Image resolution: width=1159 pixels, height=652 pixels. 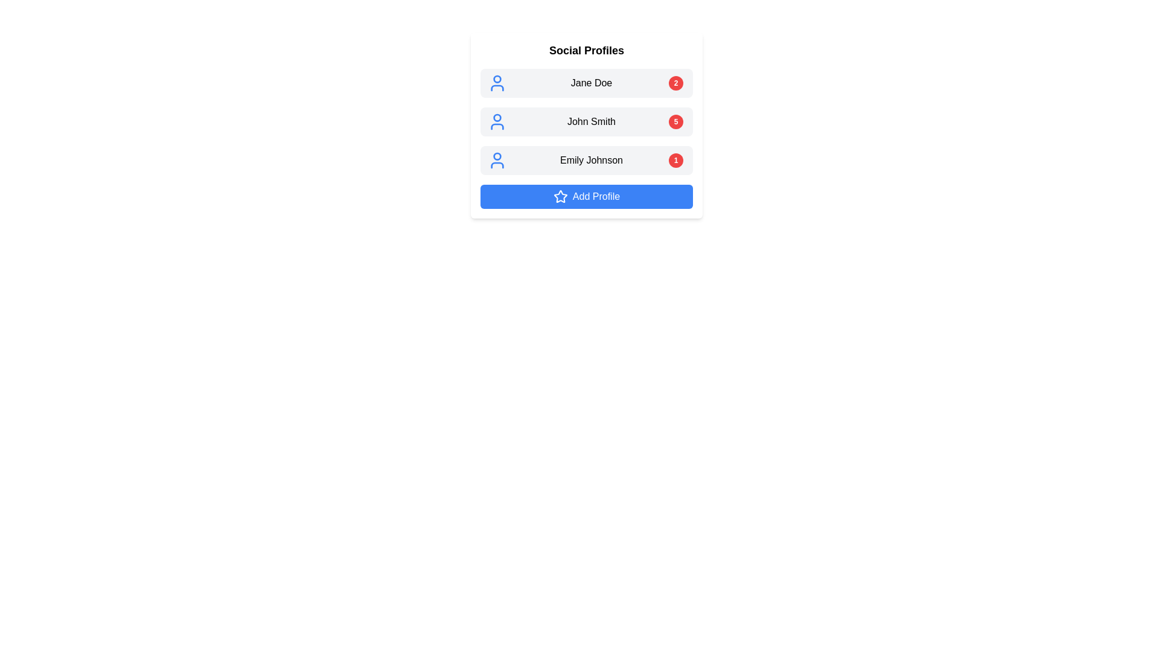 I want to click on the user profile button for 'Emily Johnson', which is the third item in a vertical list of profile cards, so click(x=586, y=160).